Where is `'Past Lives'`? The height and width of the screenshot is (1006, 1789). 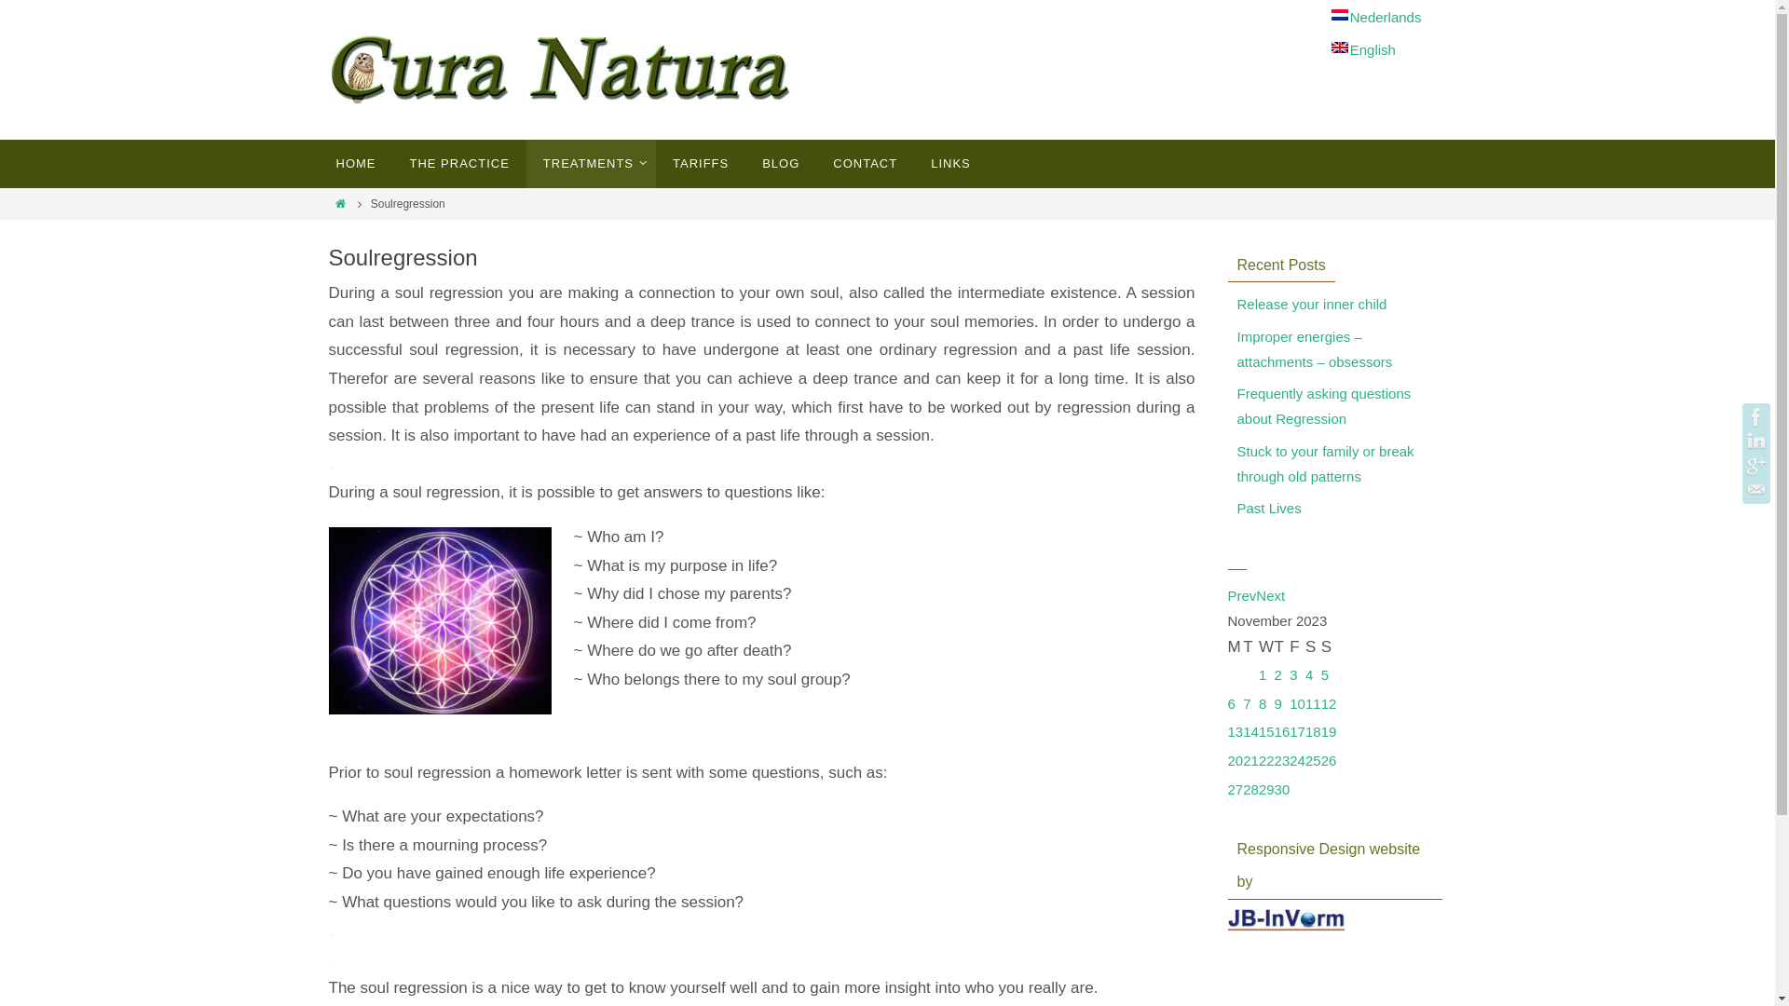
'Past Lives' is located at coordinates (1237, 509).